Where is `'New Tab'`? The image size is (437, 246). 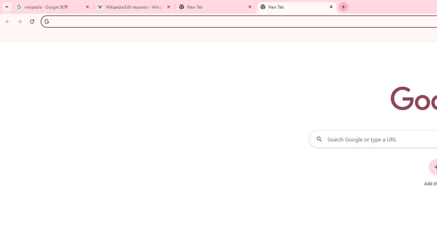
'New Tab' is located at coordinates (297, 7).